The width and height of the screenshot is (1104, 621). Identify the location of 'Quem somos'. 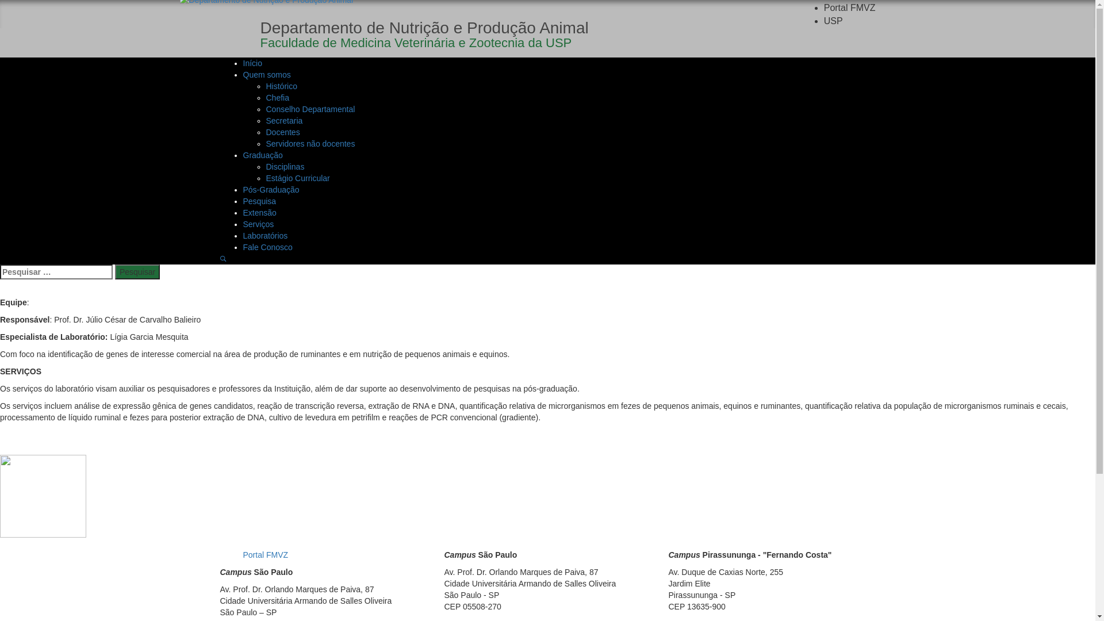
(266, 75).